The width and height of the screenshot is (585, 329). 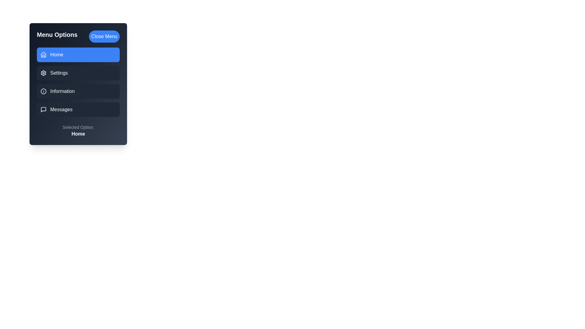 What do you see at coordinates (78, 109) in the screenshot?
I see `the 'Messages' menu option, which is the fourth item in the vertical list of selectable menu items under 'Menu Options'` at bounding box center [78, 109].